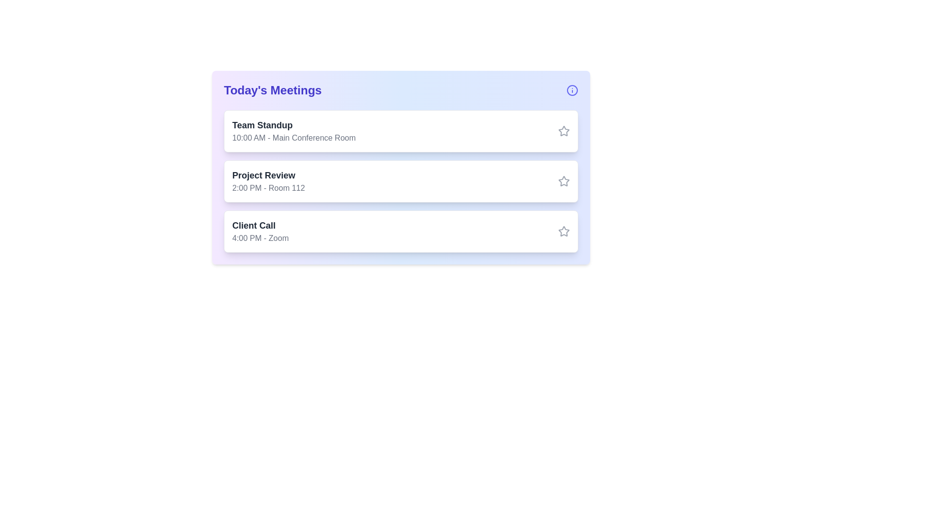 The image size is (945, 531). Describe the element at coordinates (268, 188) in the screenshot. I see `the text label displaying '2:00 PM - Room 112' in gray font, which is located beneath the 'Project Review' title in the meeting schedule list` at that location.